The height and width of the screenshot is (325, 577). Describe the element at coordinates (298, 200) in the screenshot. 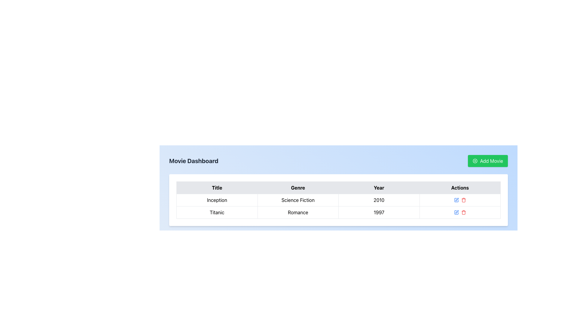

I see `the text display element that shows the genre of the movie 'Inception' in the second column of its row` at that location.